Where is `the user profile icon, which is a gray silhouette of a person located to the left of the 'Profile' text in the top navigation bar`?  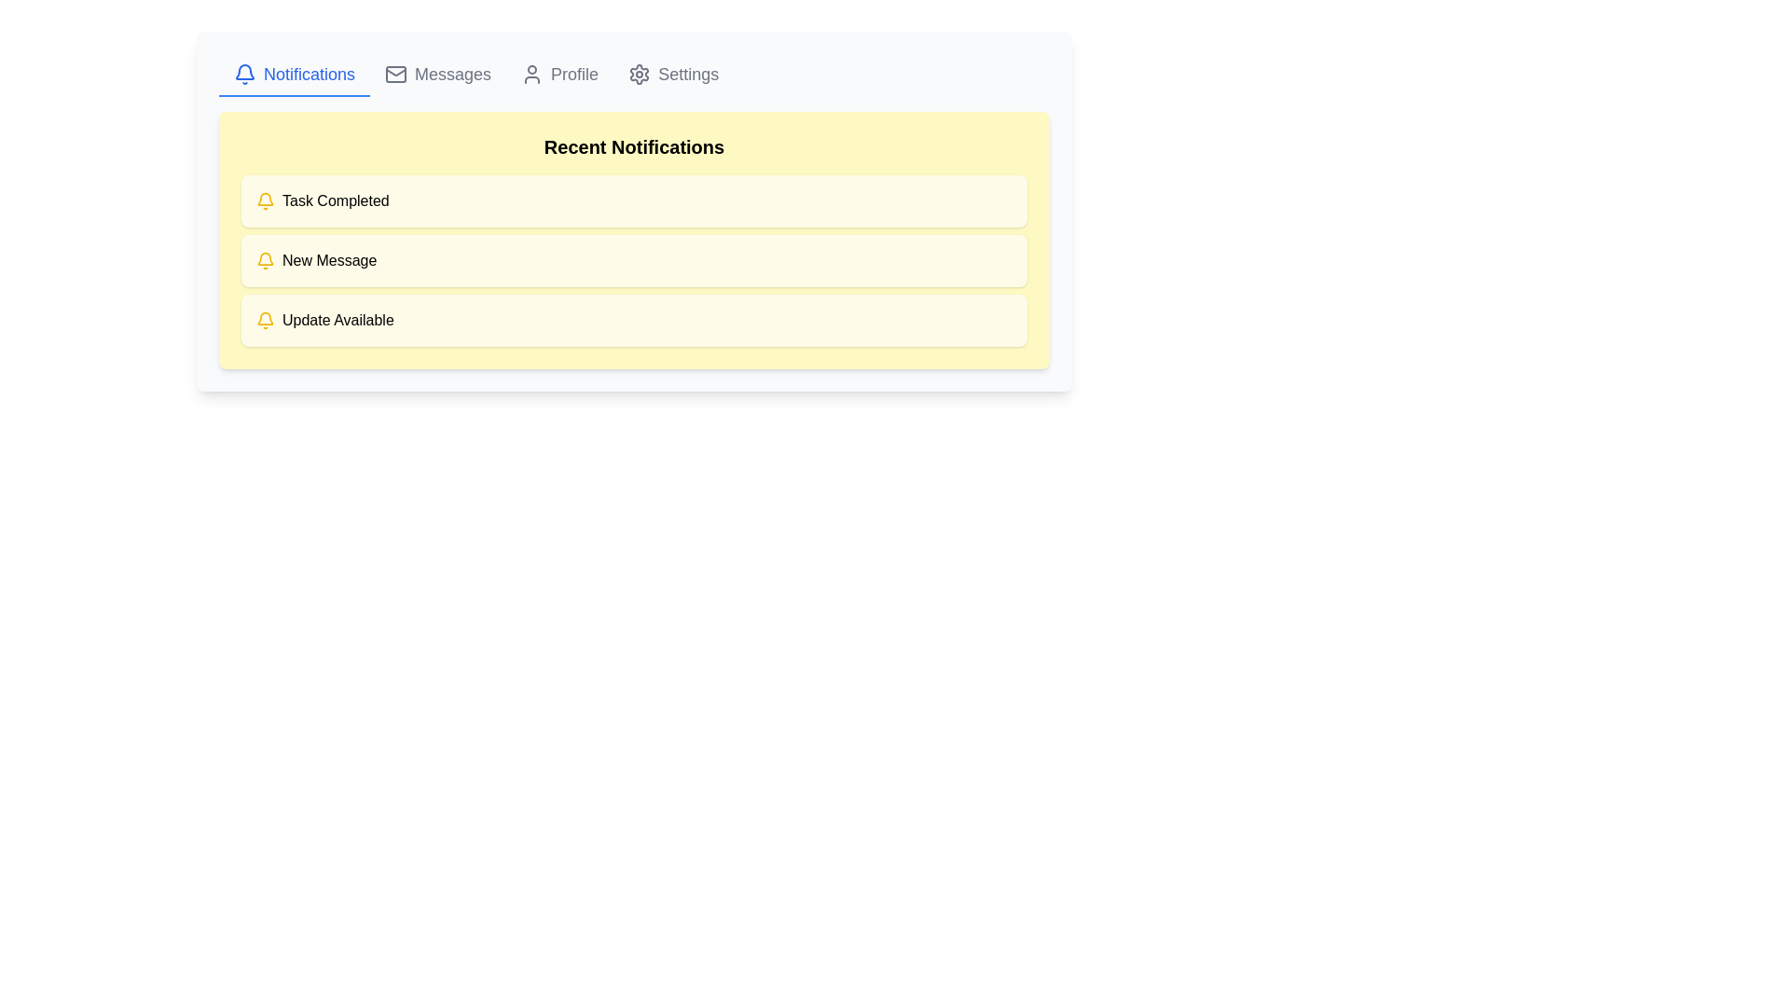
the user profile icon, which is a gray silhouette of a person located to the left of the 'Profile' text in the top navigation bar is located at coordinates (531, 74).